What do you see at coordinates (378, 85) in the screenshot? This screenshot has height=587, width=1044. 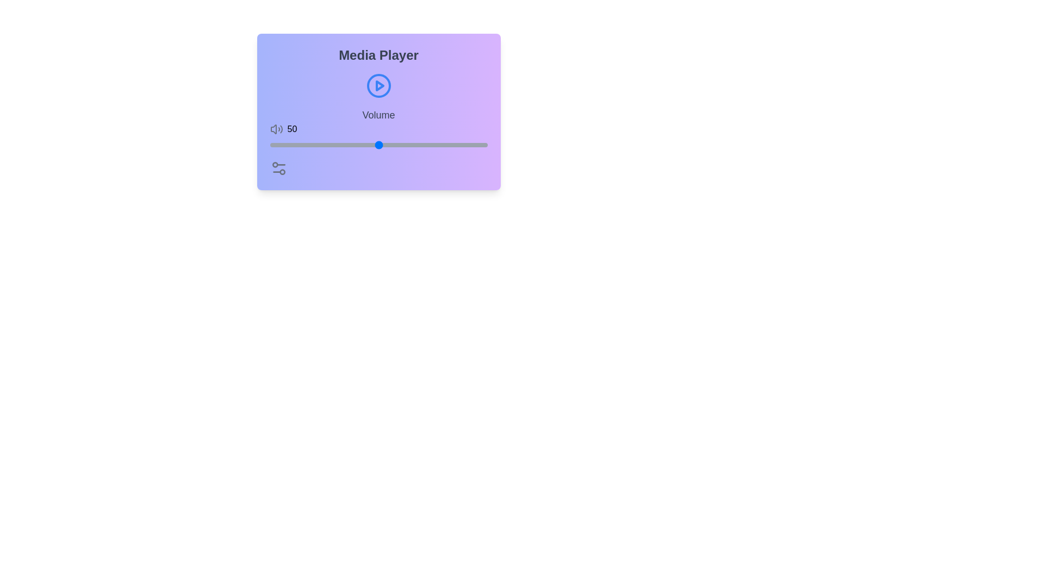 I see `the circular play button with a blue play symbol inside, located in the 'Media Player' interface, to play the media` at bounding box center [378, 85].